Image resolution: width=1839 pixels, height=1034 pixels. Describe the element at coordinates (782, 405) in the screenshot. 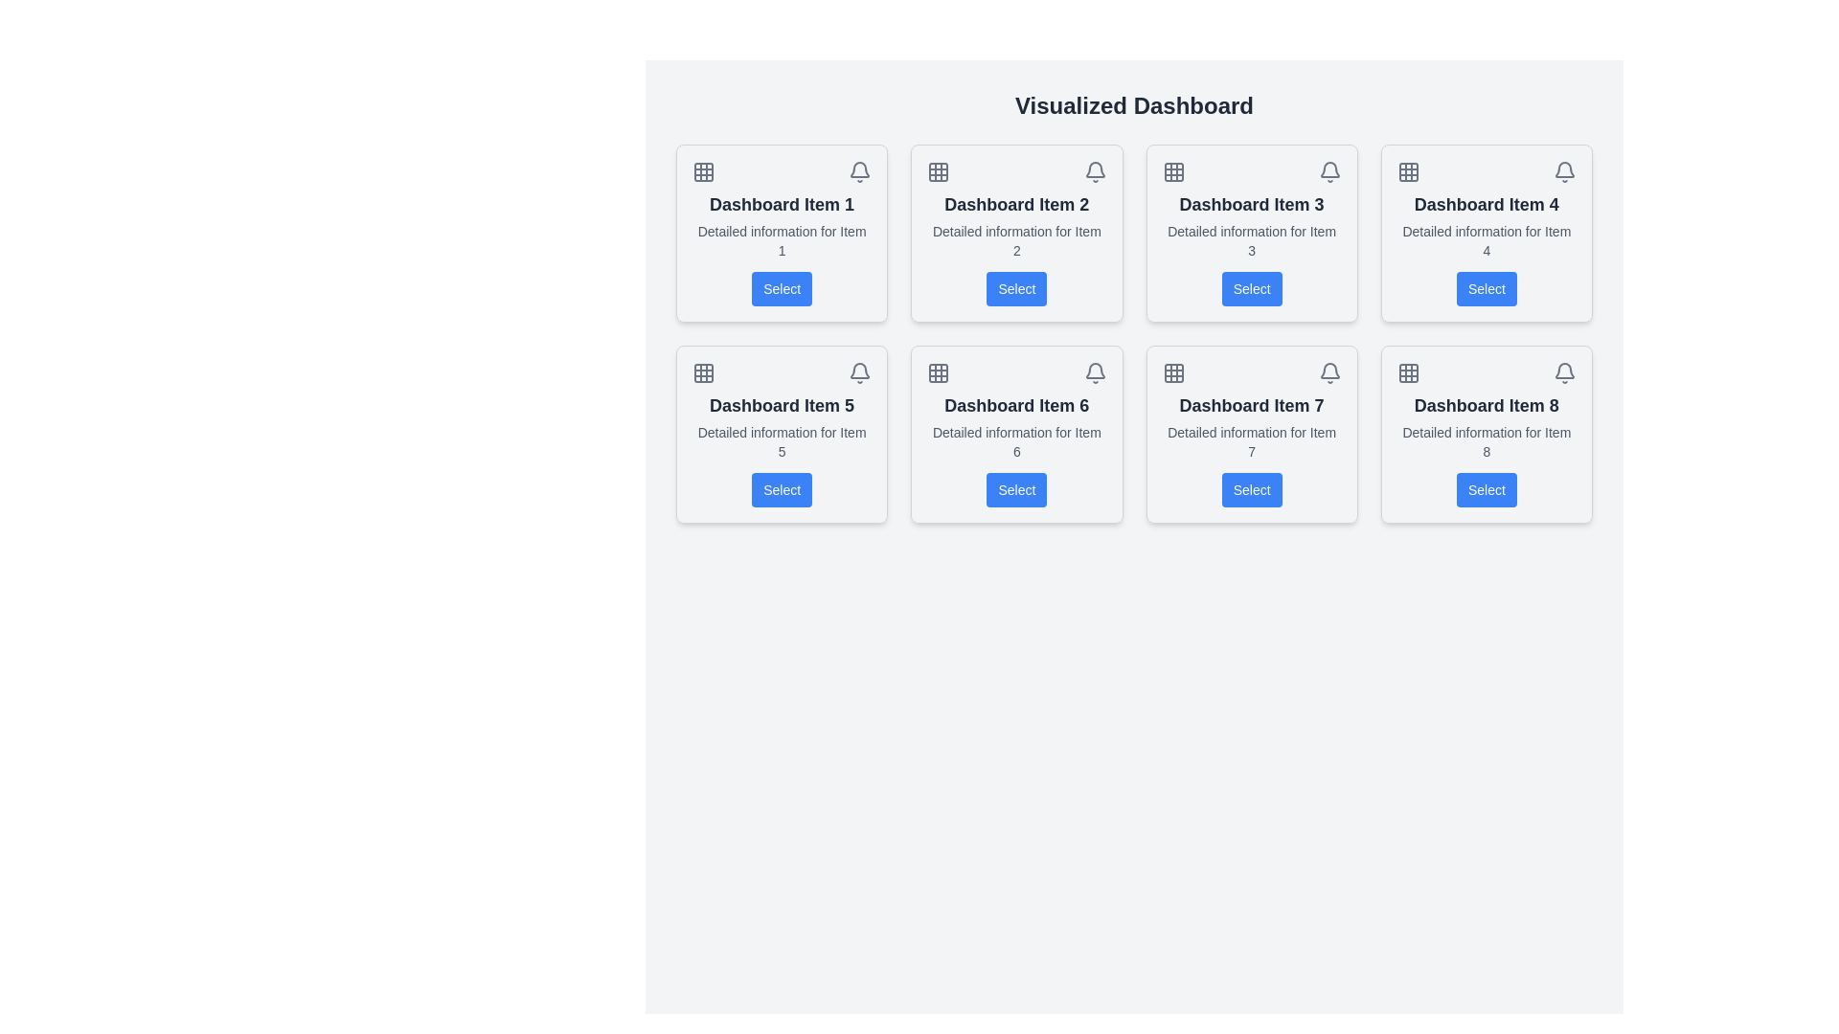

I see `title of the Text Label displaying 'Dashboard Item 5' which is prominently styled in bold and dark gray within the first card of the second row in the grid layout` at that location.